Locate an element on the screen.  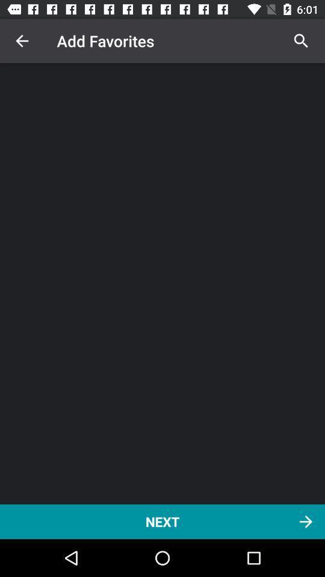
icon to the left of the add favorites item is located at coordinates (22, 41).